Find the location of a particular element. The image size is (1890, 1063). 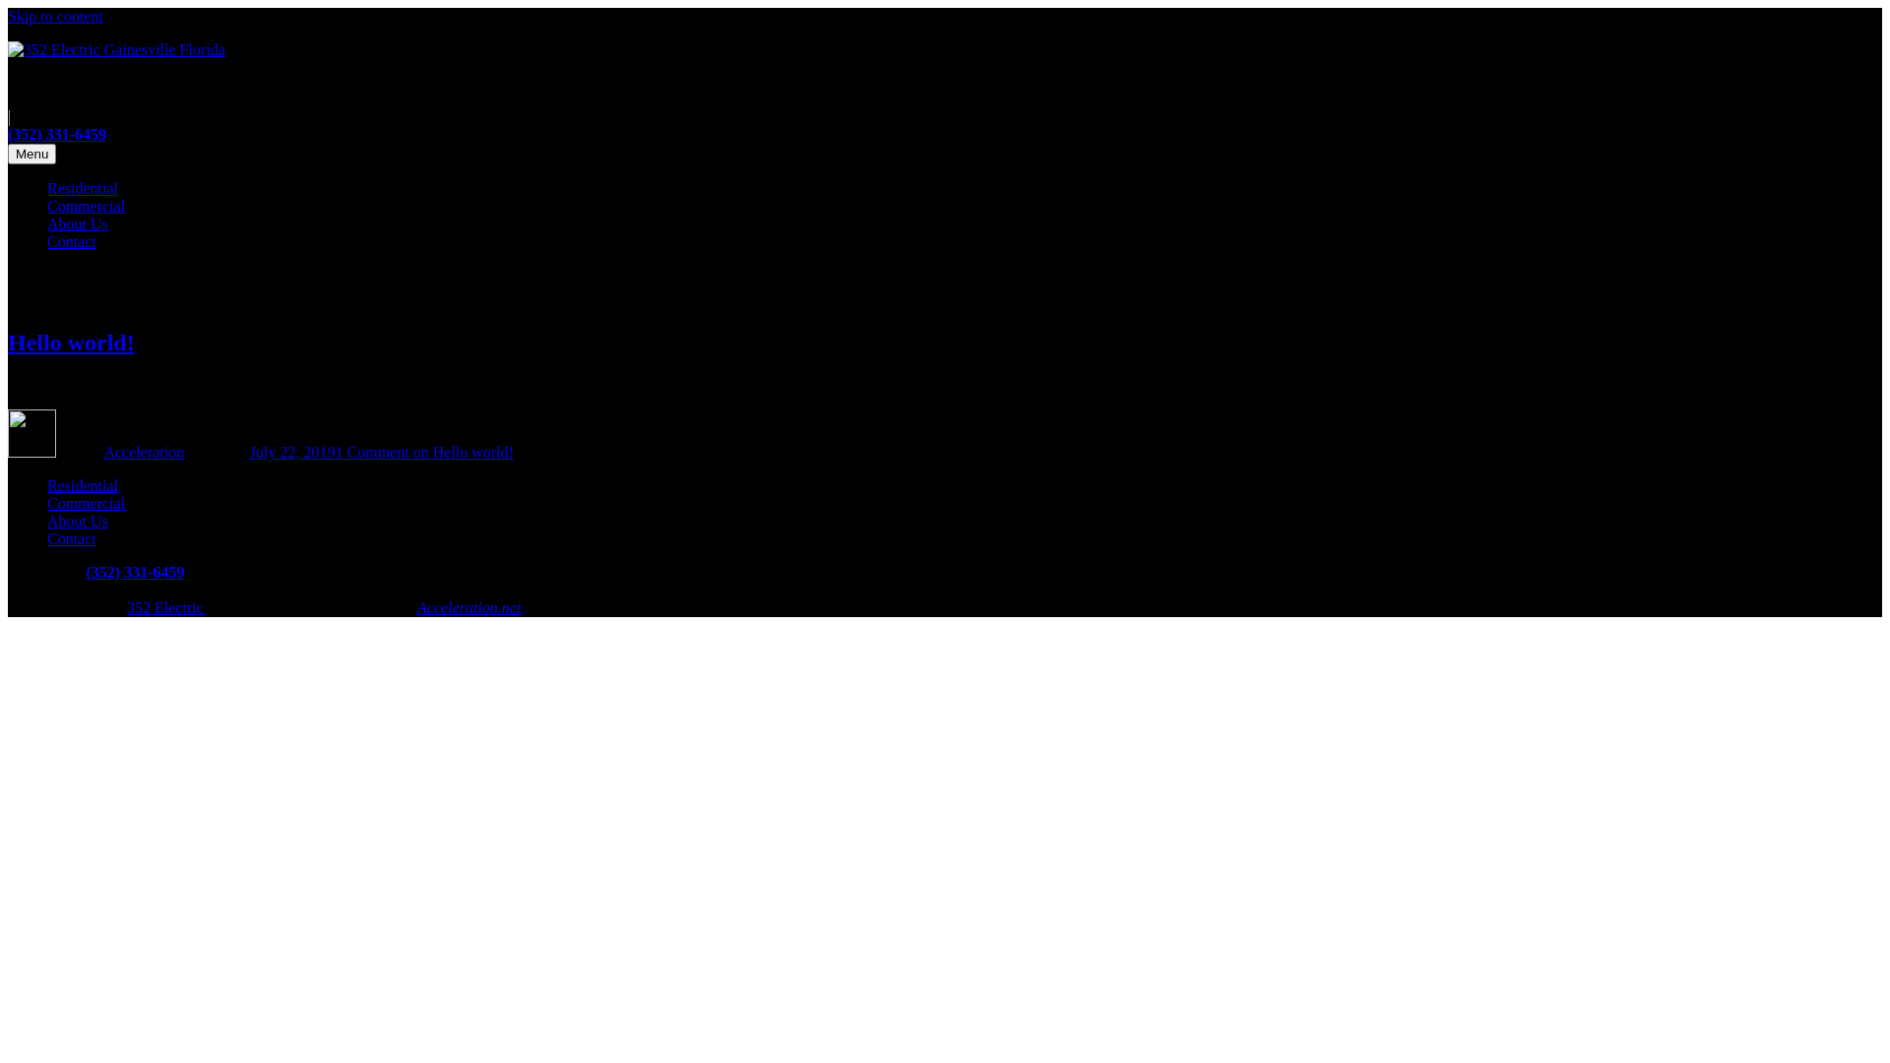

'352 Electric' is located at coordinates (165, 606).